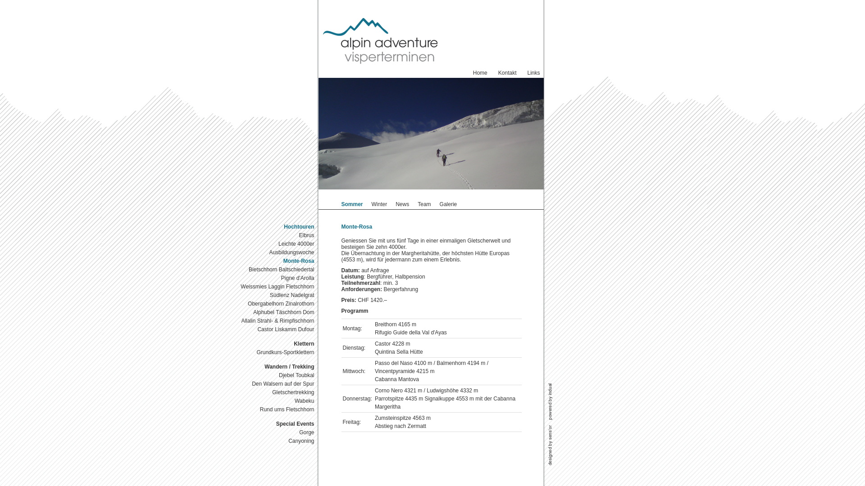  Describe the element at coordinates (274, 441) in the screenshot. I see `'Canyoning'` at that location.